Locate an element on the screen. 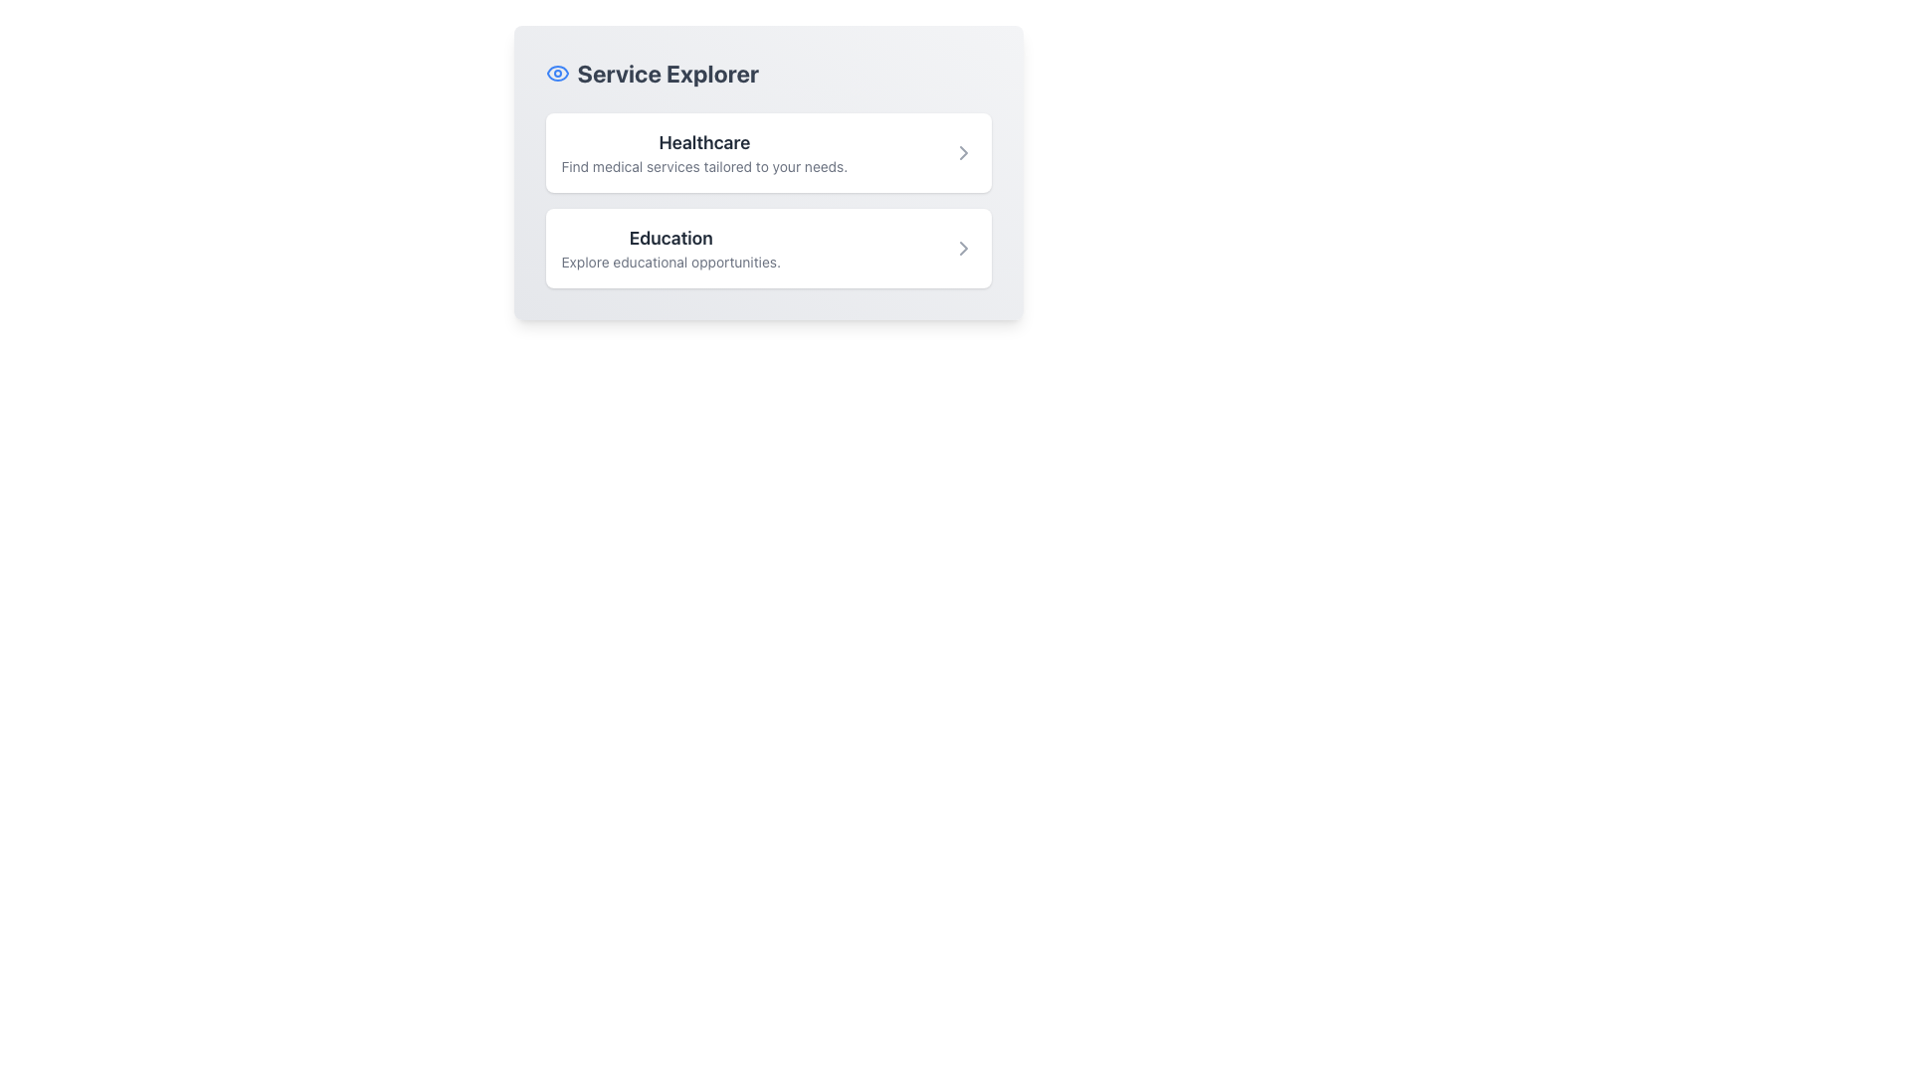 Image resolution: width=1910 pixels, height=1074 pixels. the 'Education' text label, which is a prominent textual label styled in dark gray, located below the 'Healthcare' row in the second section of options is located at coordinates (670, 237).